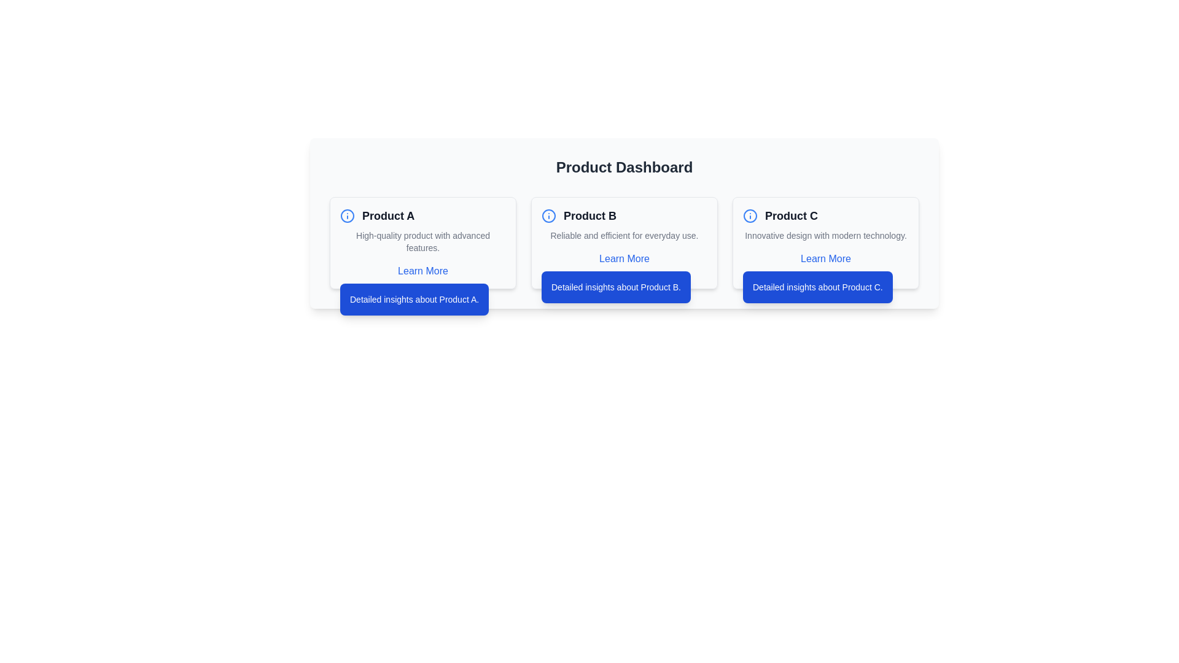  Describe the element at coordinates (825, 258) in the screenshot. I see `the 'Learn More' hyperlink styled in blue text with an underline, located in the product information section for 'Product C'` at that location.